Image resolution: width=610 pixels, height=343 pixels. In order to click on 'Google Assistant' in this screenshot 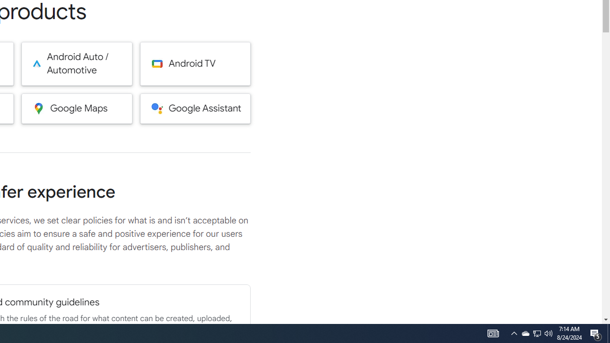, I will do `click(195, 108)`.